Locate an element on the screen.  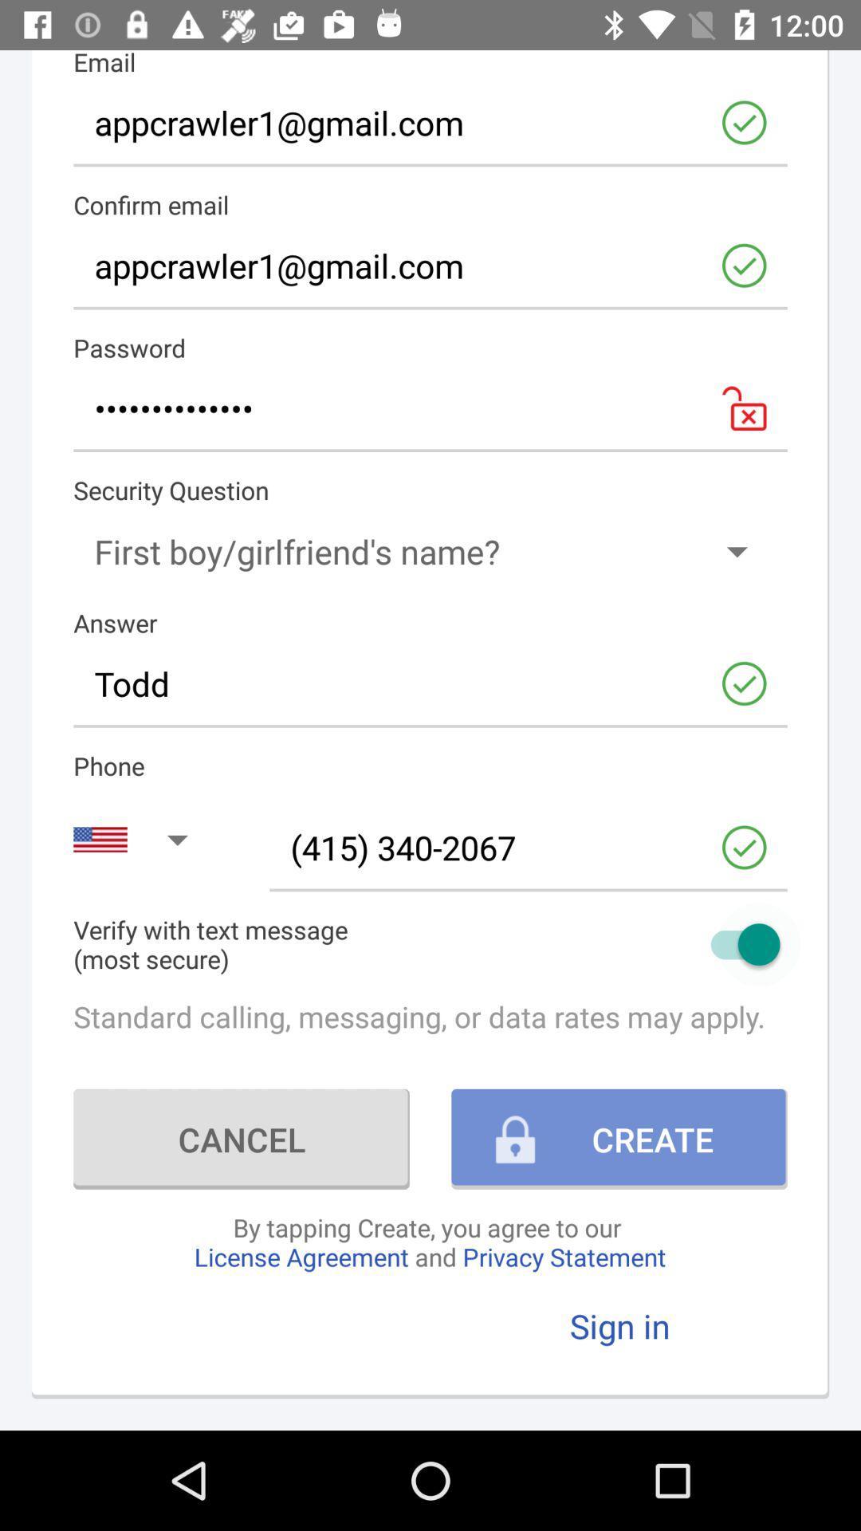
item below (415) 340-2067 icon is located at coordinates (431, 944).